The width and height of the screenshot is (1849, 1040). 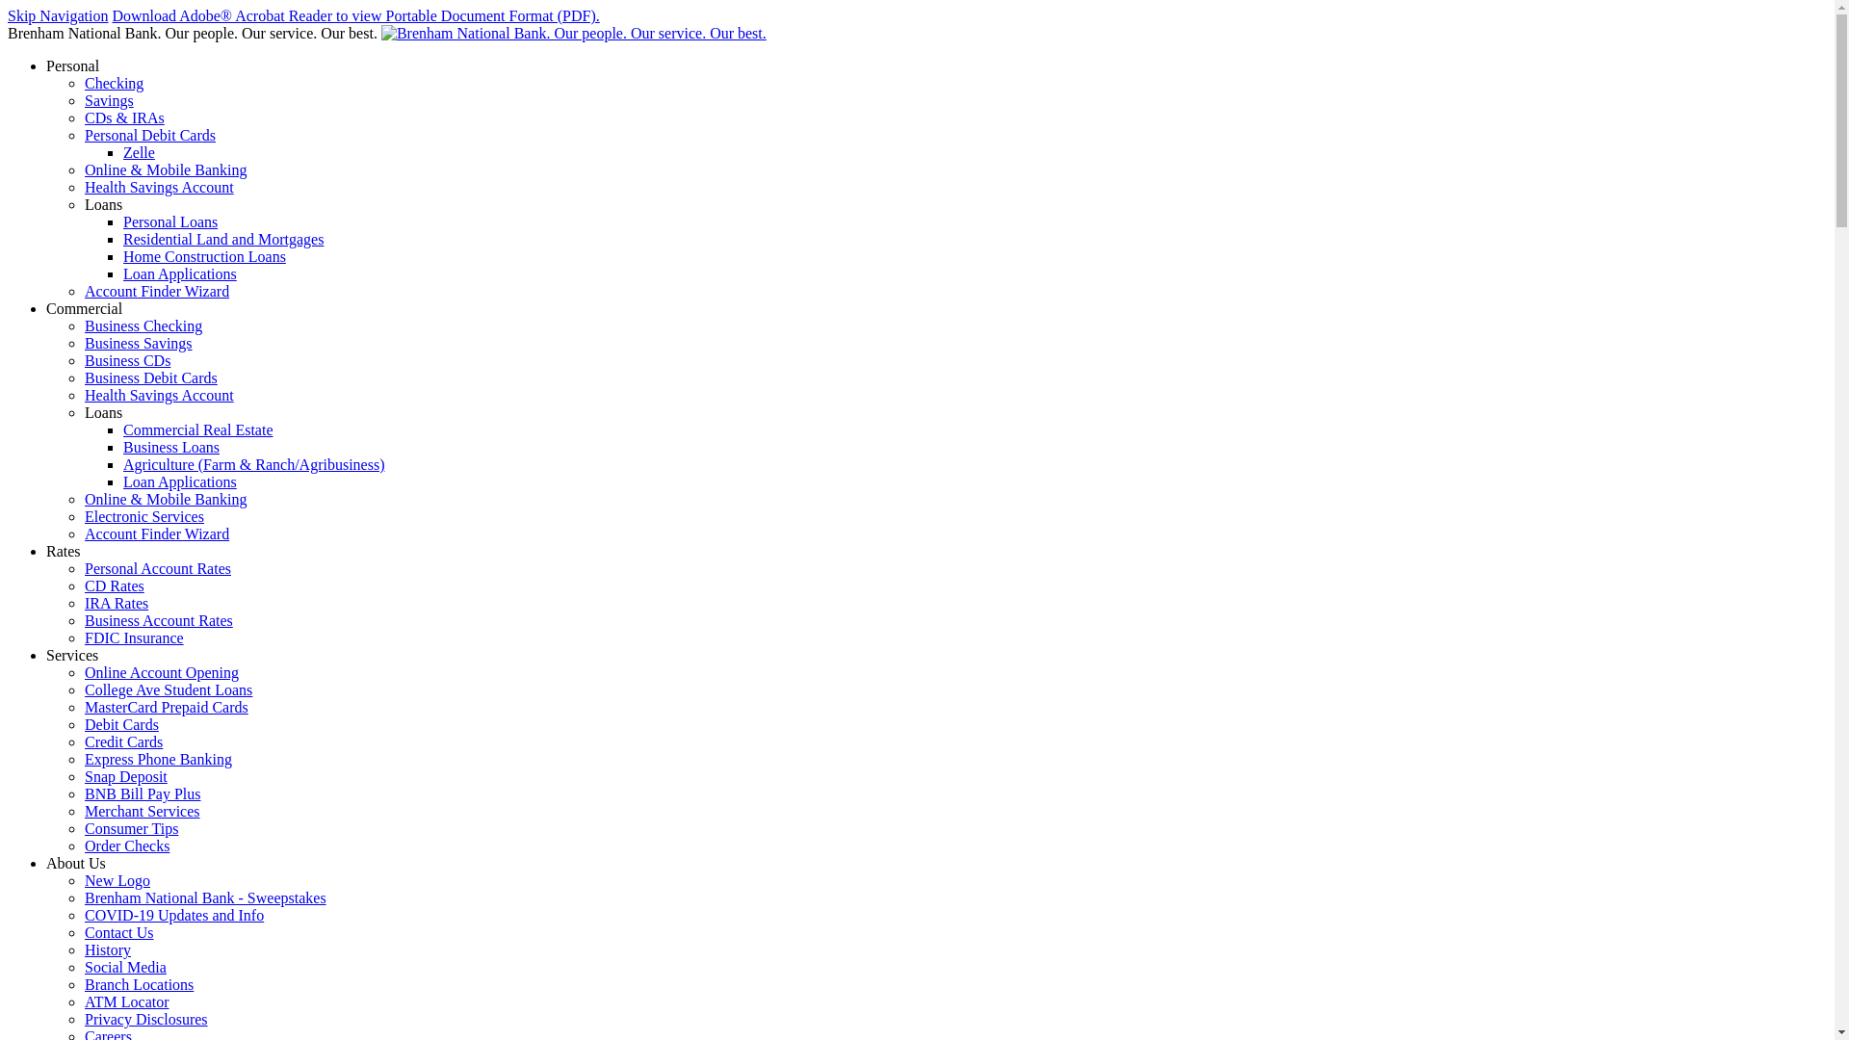 I want to click on 'MasterCard Prepaid Cards', so click(x=166, y=707).